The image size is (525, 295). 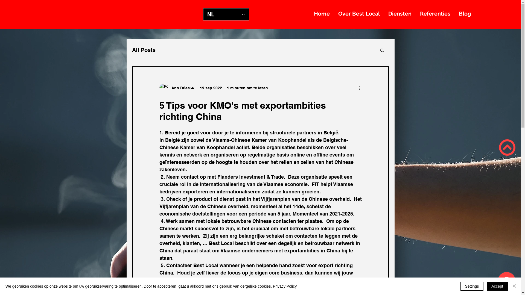 I want to click on 'Blog', so click(x=454, y=13).